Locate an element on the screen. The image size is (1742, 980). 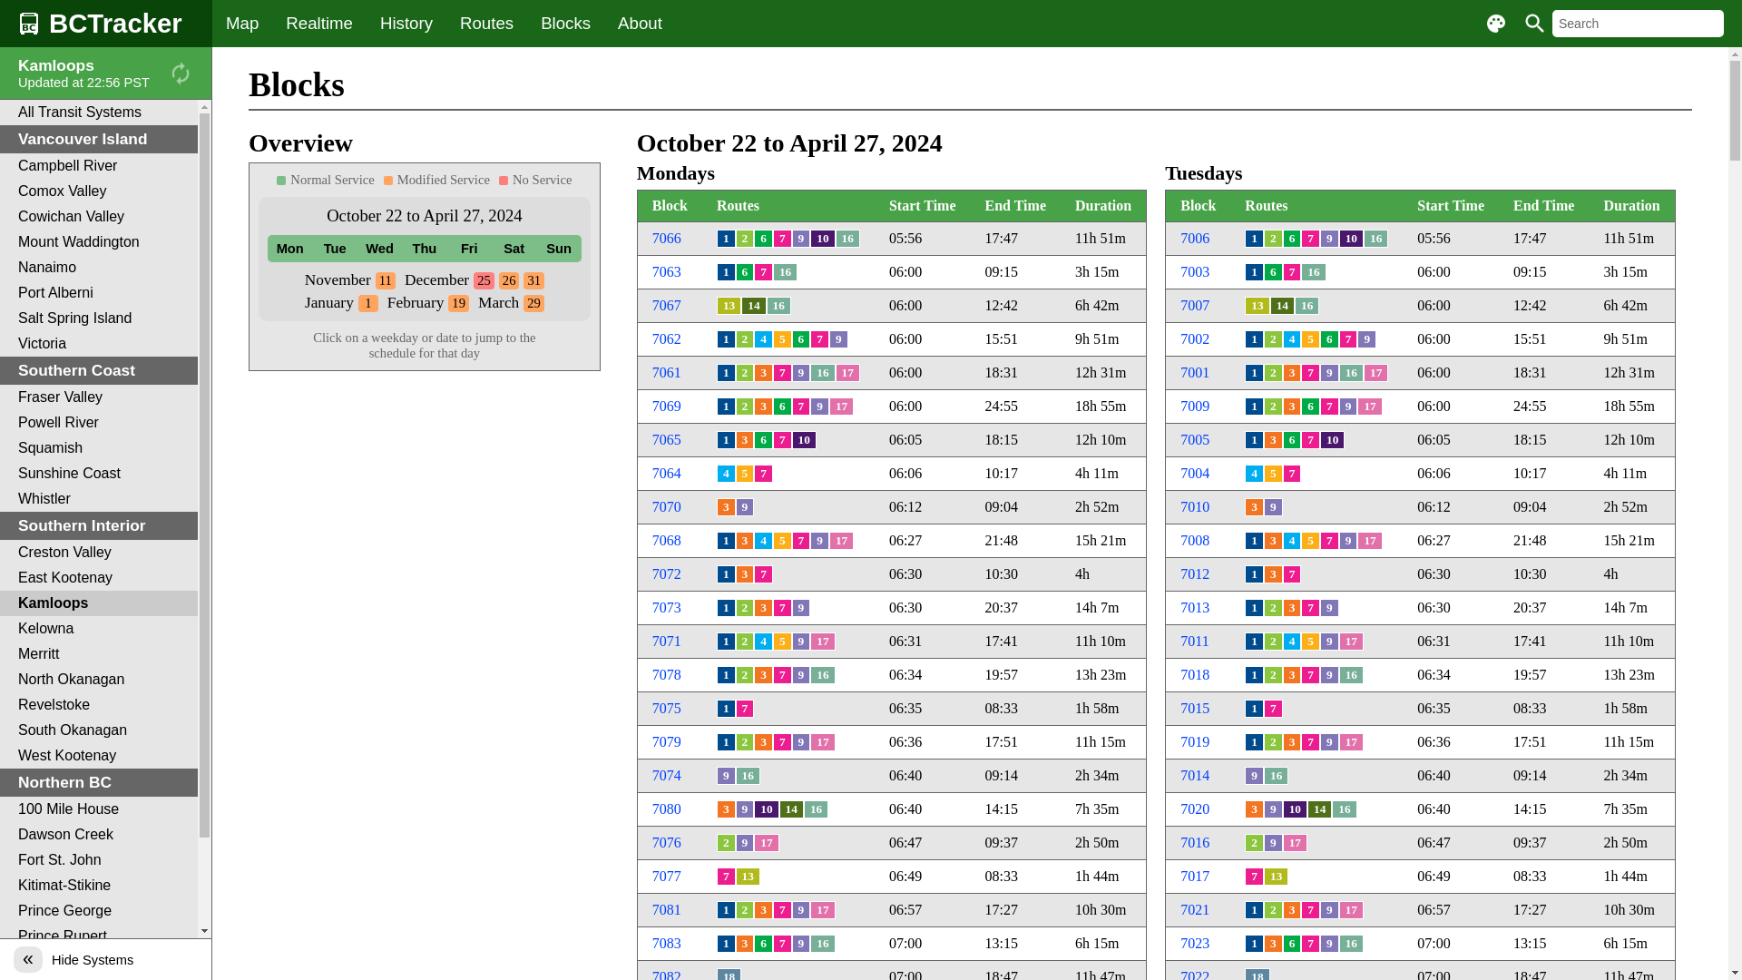
'9' is located at coordinates (1366, 339).